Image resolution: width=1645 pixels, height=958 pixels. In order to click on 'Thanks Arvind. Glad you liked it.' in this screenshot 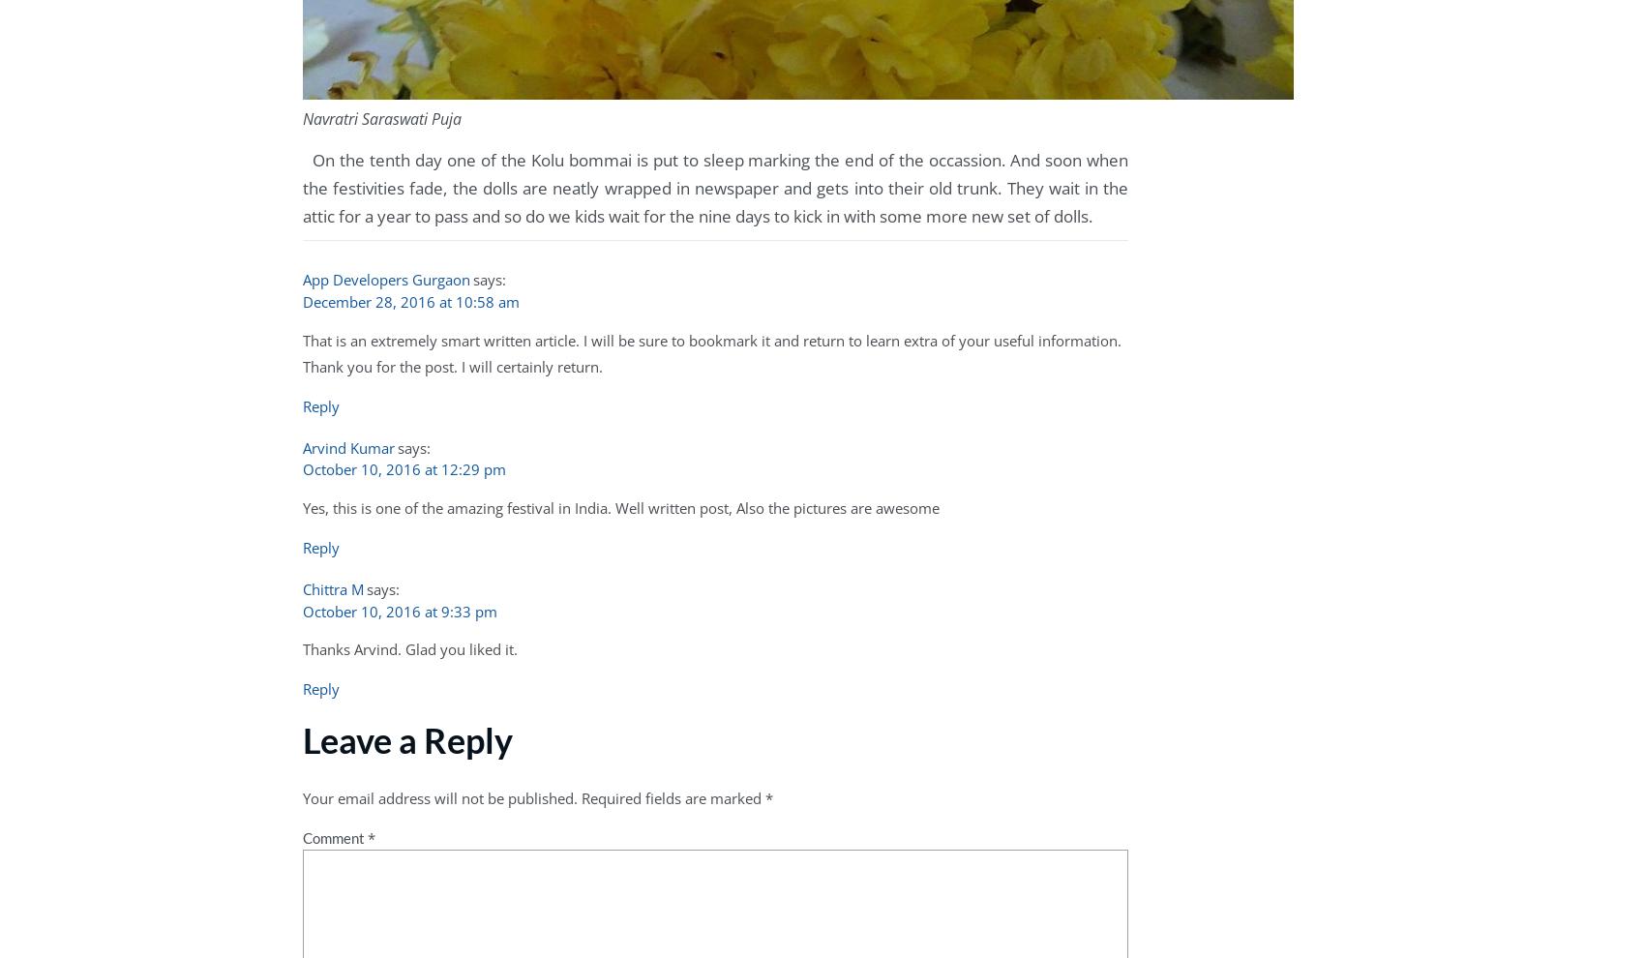, I will do `click(408, 649)`.